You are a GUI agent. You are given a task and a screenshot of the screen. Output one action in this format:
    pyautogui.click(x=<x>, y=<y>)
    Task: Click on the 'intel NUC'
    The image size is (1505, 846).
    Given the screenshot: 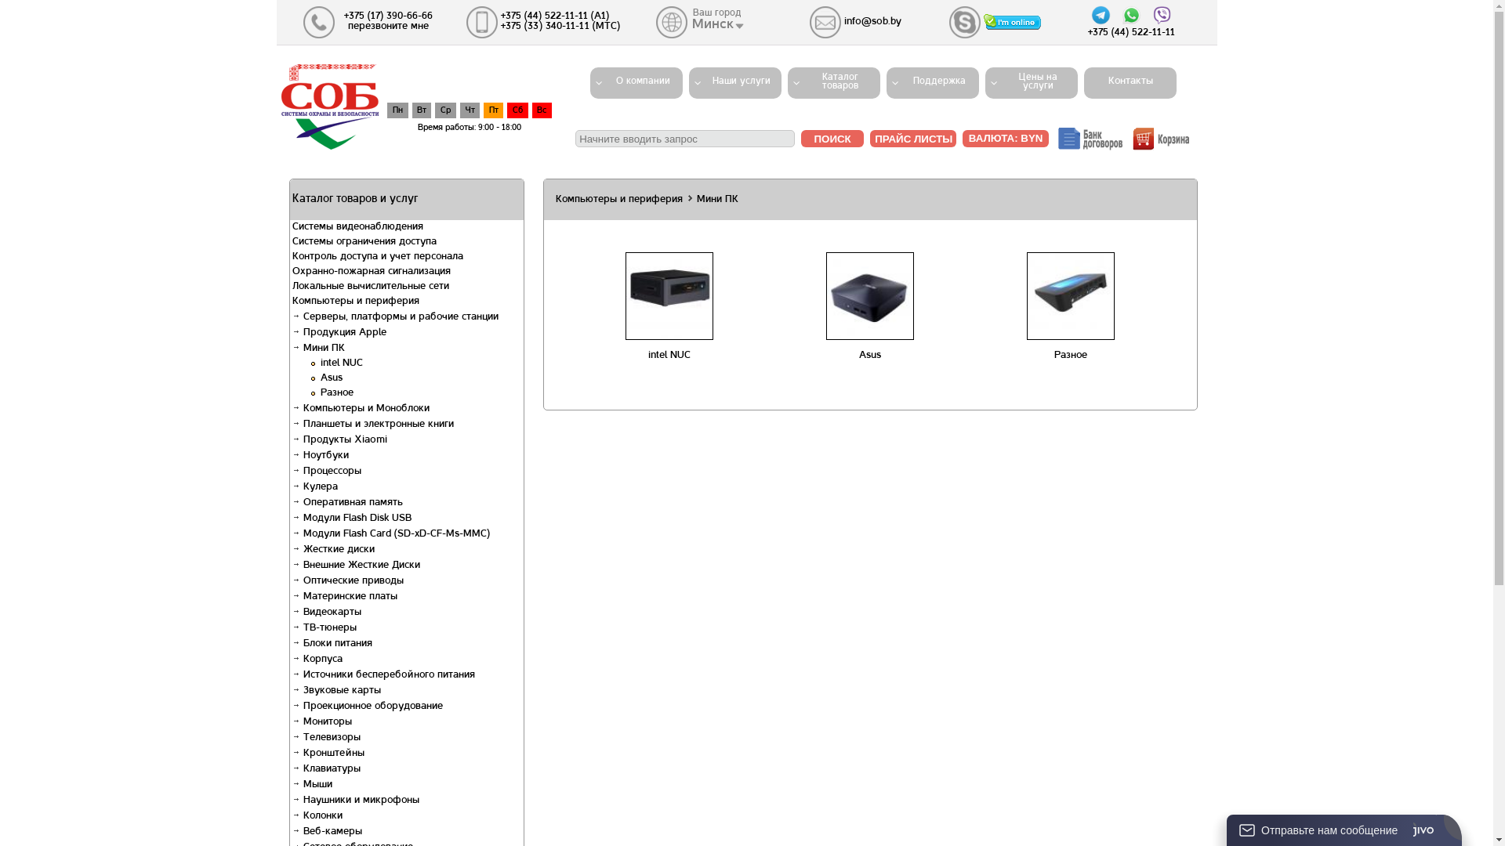 What is the action you would take?
    pyautogui.click(x=669, y=356)
    